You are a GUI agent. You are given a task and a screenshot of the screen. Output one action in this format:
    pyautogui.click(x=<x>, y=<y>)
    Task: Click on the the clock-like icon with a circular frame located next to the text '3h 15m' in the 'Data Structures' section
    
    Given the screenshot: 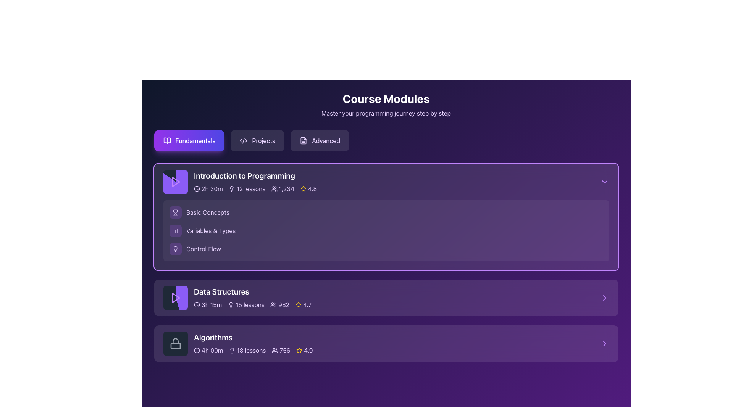 What is the action you would take?
    pyautogui.click(x=197, y=304)
    